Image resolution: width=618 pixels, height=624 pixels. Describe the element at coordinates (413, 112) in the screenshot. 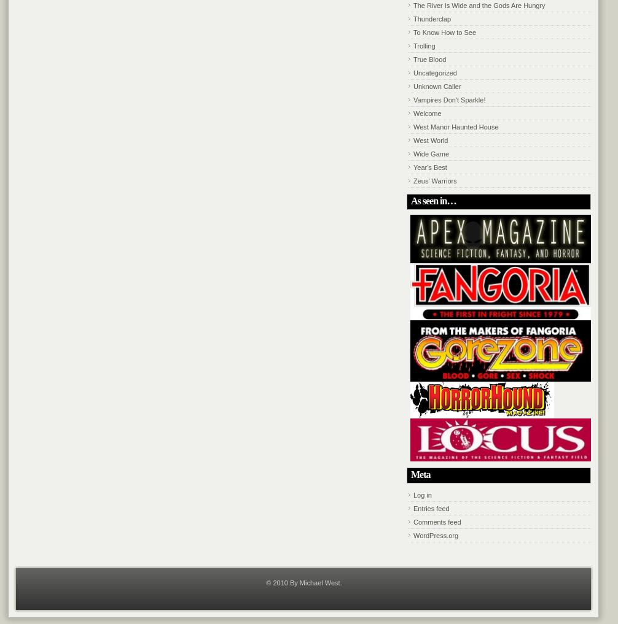

I see `'Welcome'` at that location.